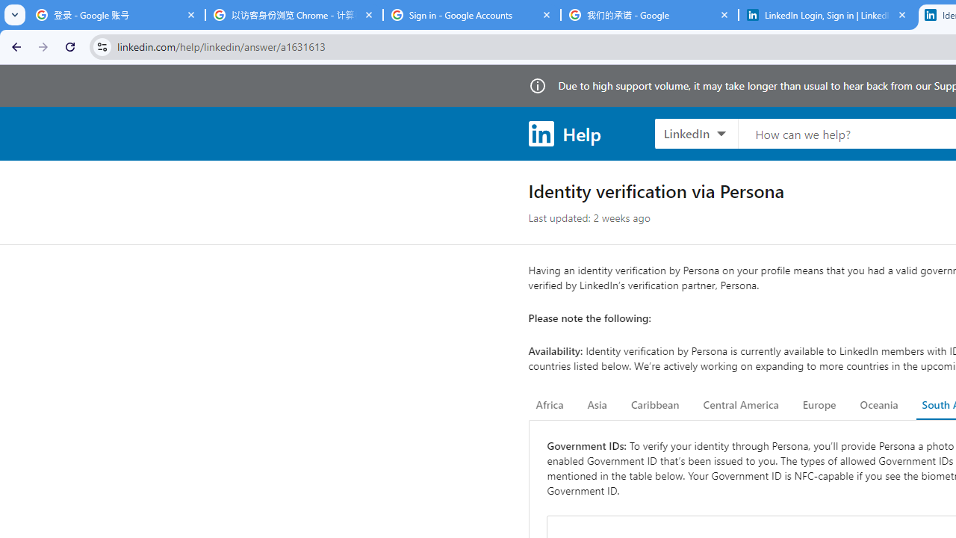  What do you see at coordinates (741, 405) in the screenshot?
I see `'Central America'` at bounding box center [741, 405].